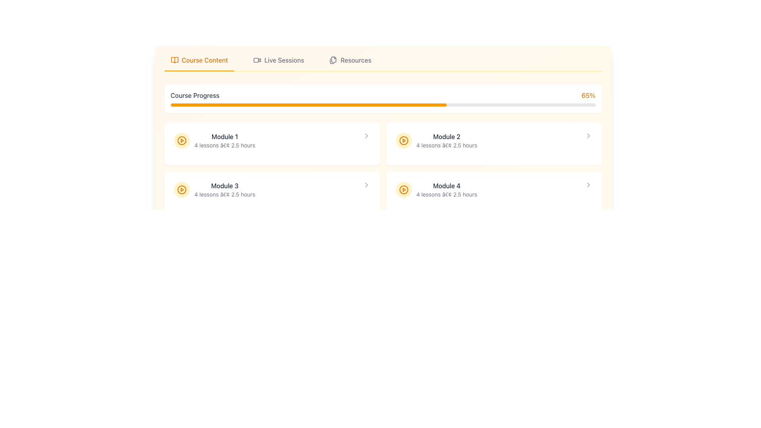 The width and height of the screenshot is (761, 428). Describe the element at coordinates (224, 186) in the screenshot. I see `the text label that serves as the title for 'Module 3' in the course content listing` at that location.